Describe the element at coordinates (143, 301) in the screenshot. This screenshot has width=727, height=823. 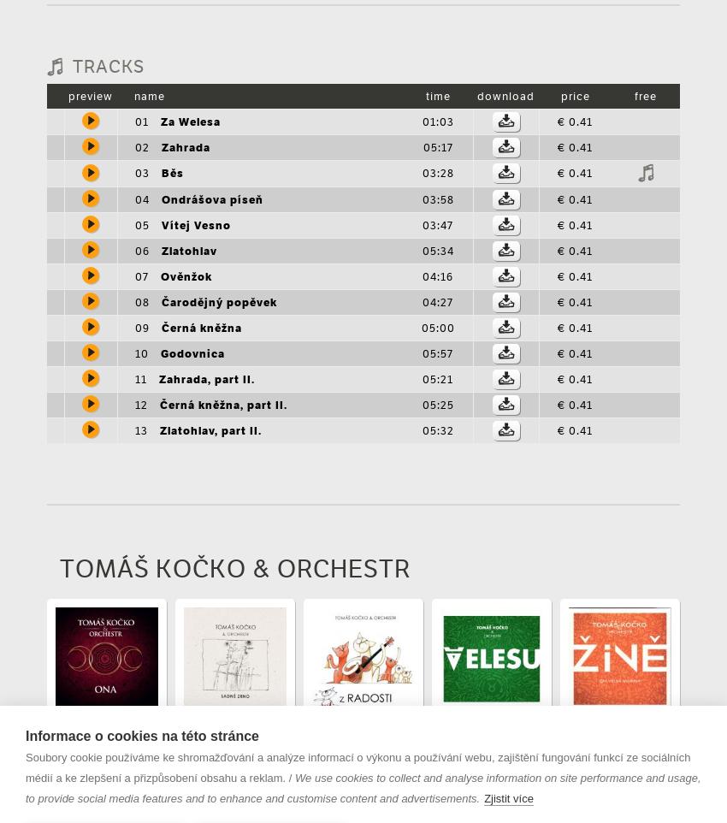
I see `'08'` at that location.